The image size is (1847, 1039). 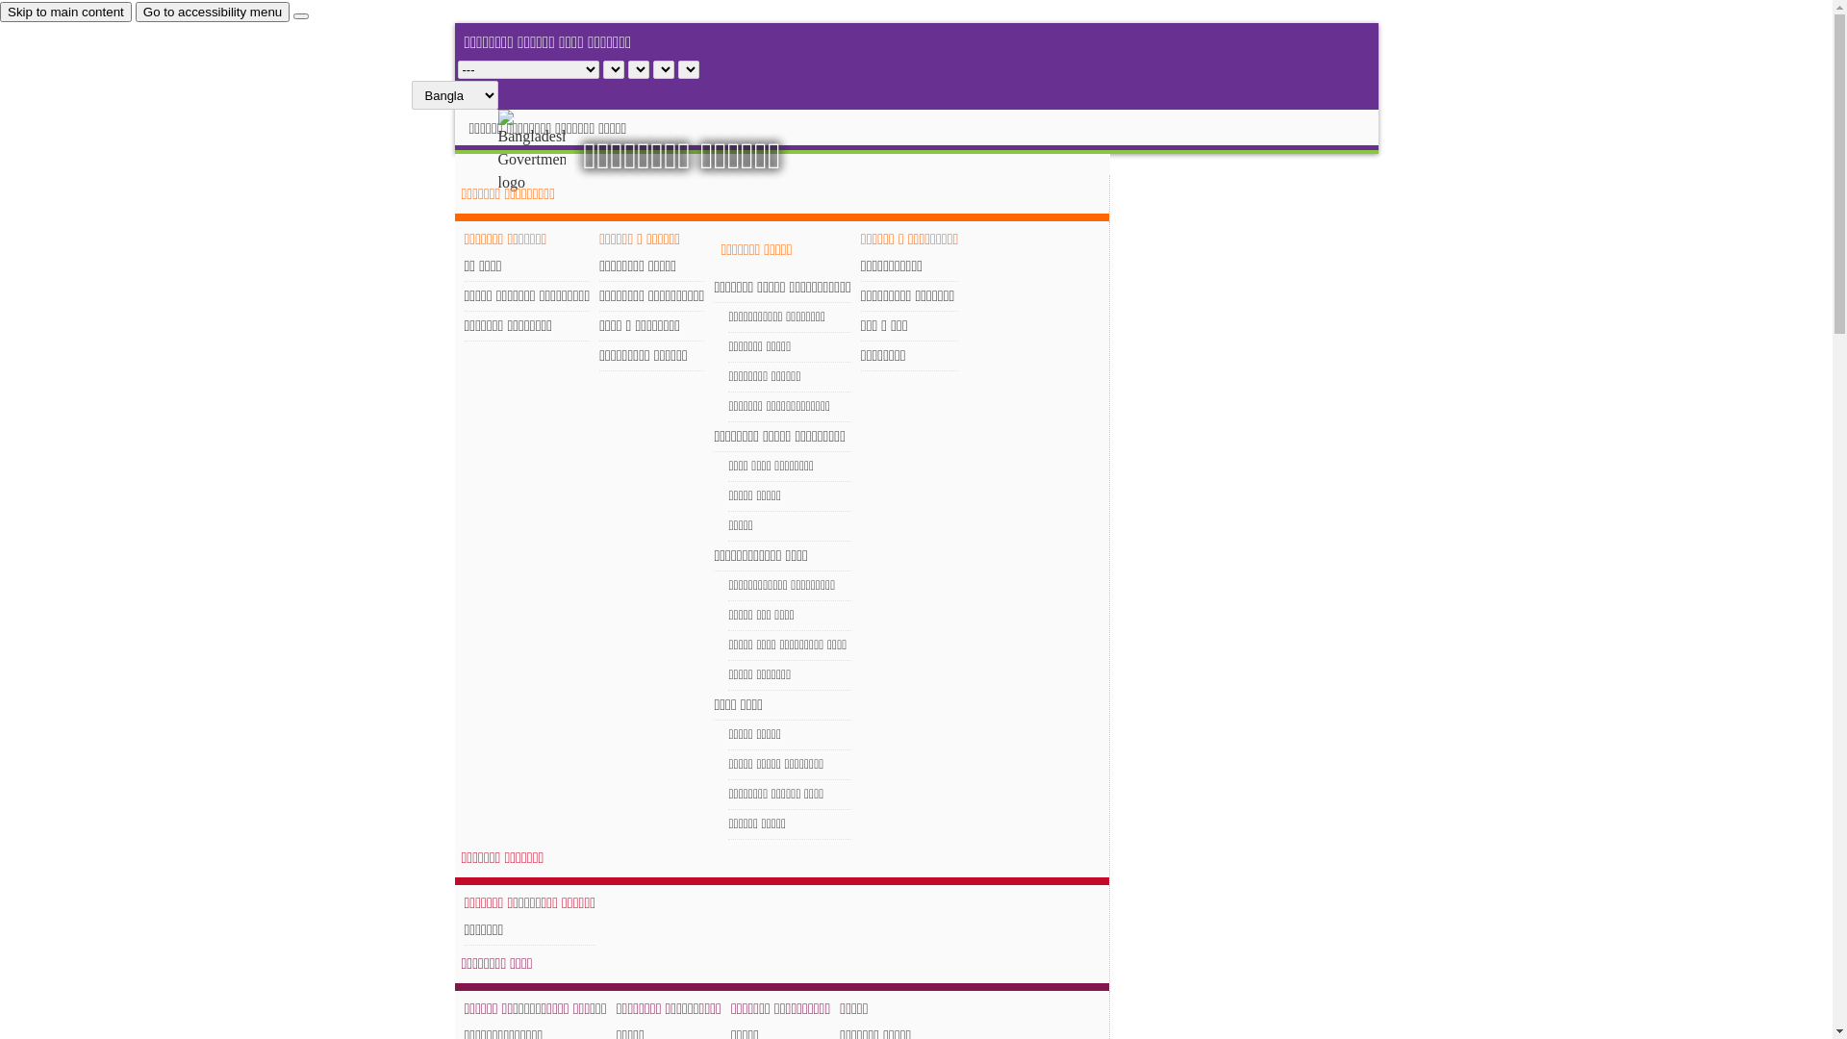 What do you see at coordinates (212, 12) in the screenshot?
I see `'Go to accessibility menu'` at bounding box center [212, 12].